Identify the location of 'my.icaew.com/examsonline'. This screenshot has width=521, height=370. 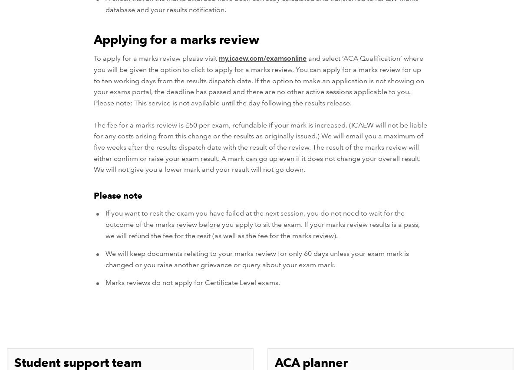
(218, 58).